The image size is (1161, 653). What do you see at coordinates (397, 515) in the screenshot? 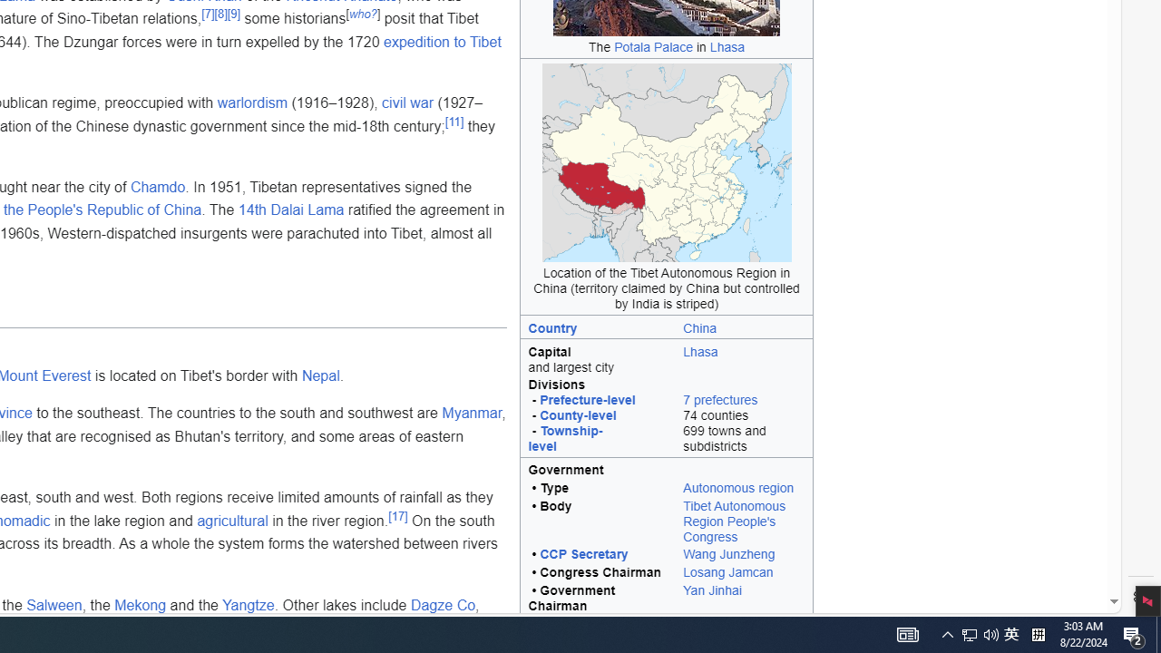
I see `'[17]'` at bounding box center [397, 515].